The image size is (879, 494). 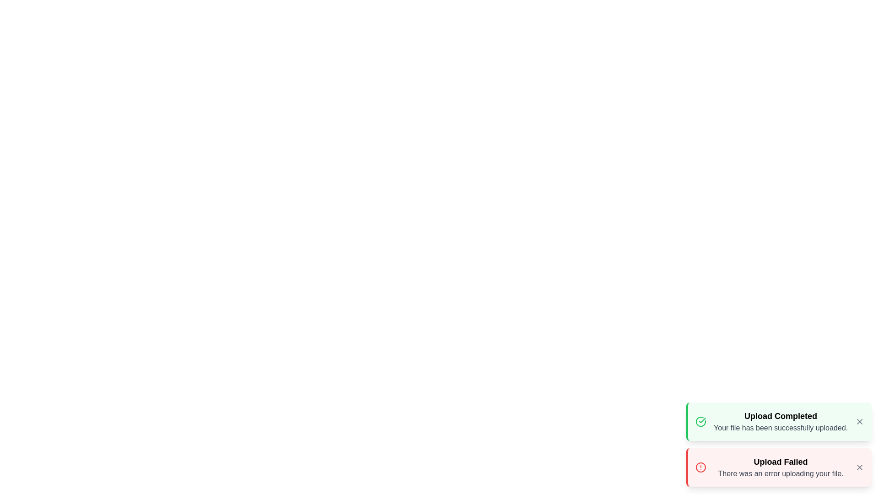 What do you see at coordinates (780, 462) in the screenshot?
I see `bold 'Upload Failed' text displayed at the top of the red error message box` at bounding box center [780, 462].